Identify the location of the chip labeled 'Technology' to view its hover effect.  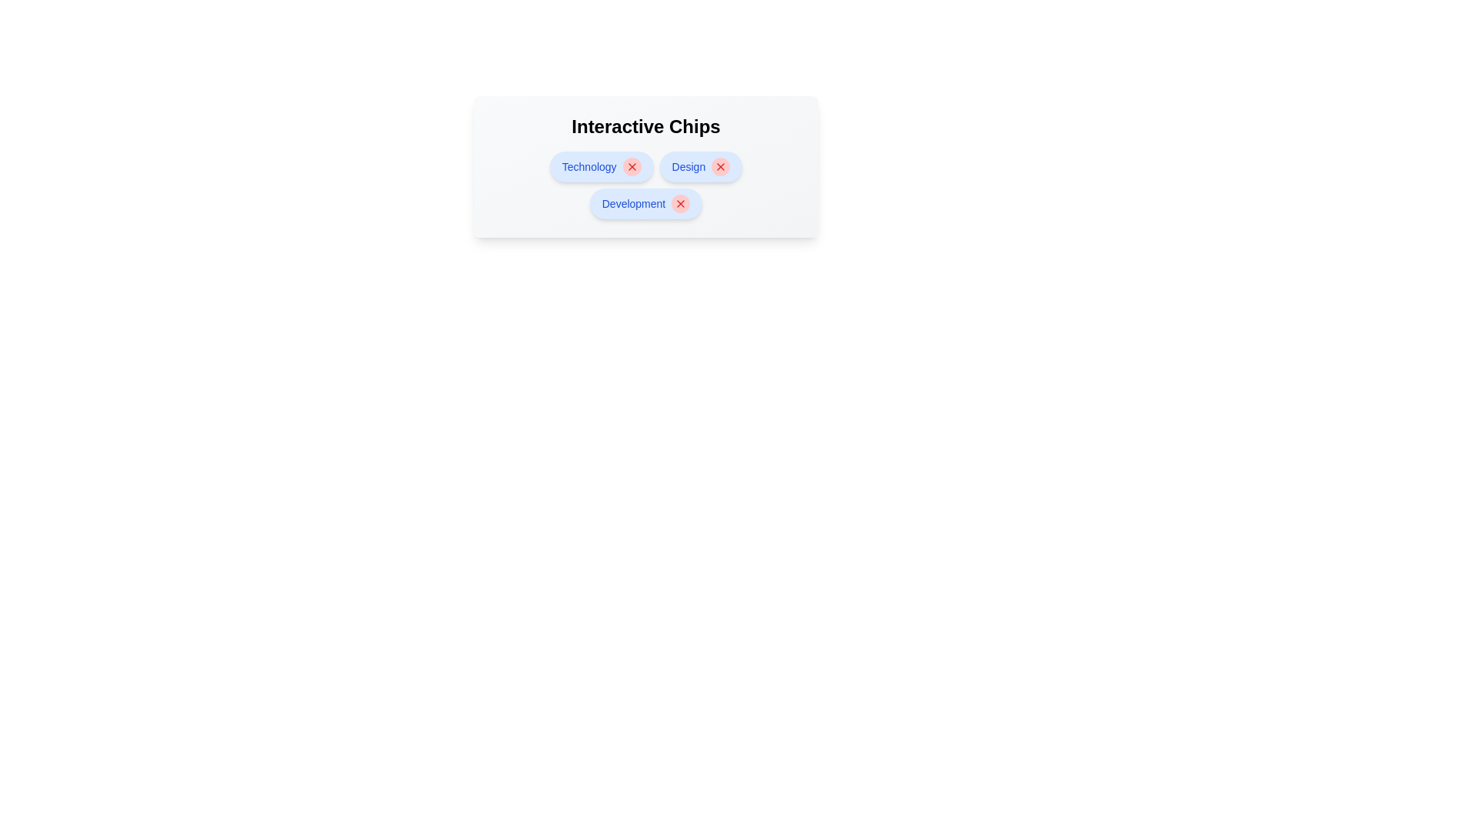
(601, 166).